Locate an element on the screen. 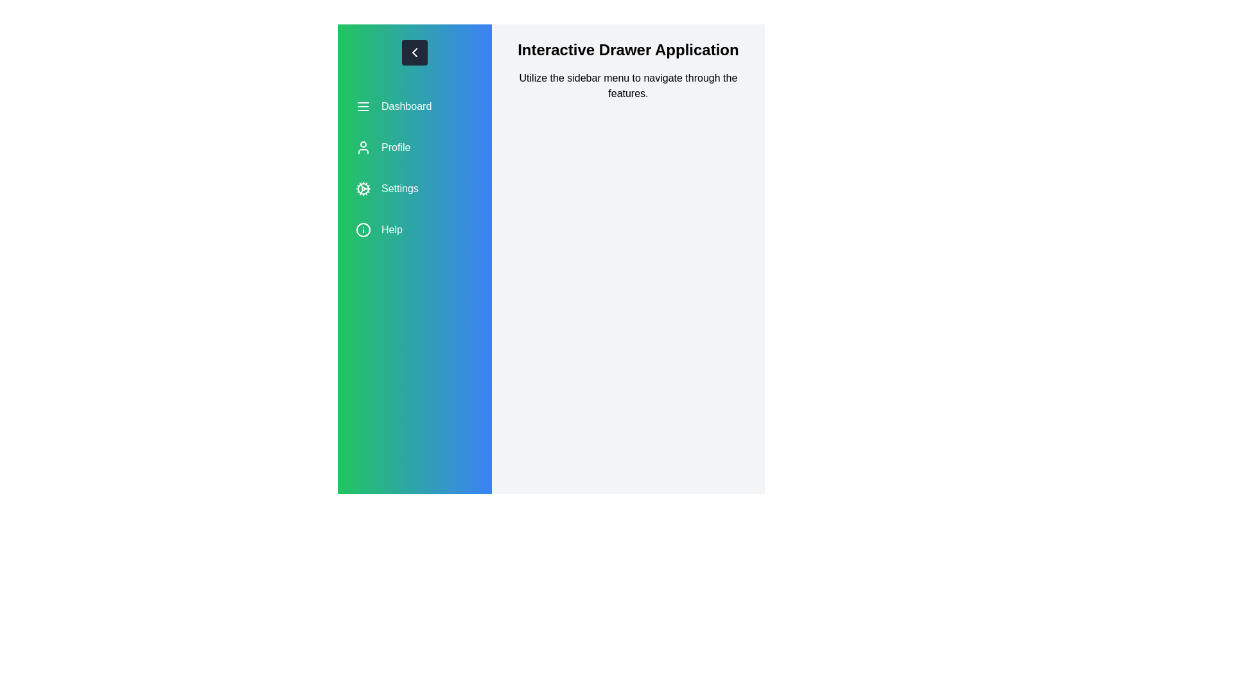  the menu option Settings to see its hover effect is located at coordinates (414, 188).